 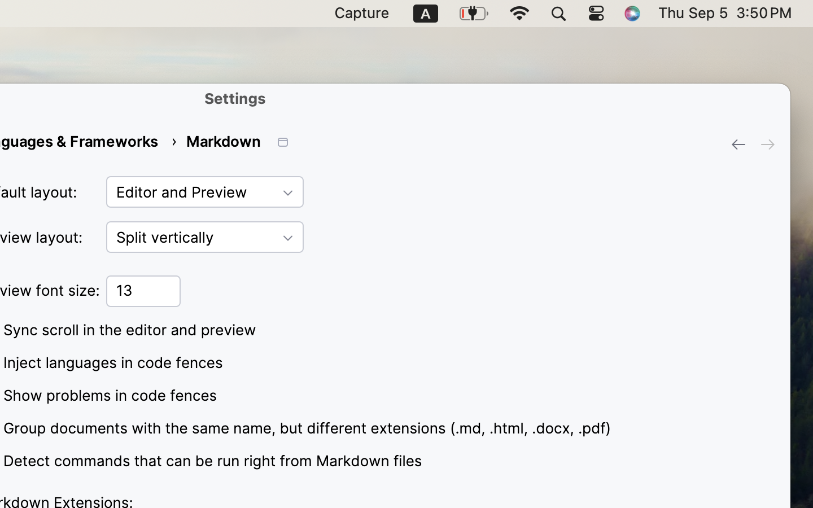 I want to click on 'Split vertically', so click(x=204, y=237).